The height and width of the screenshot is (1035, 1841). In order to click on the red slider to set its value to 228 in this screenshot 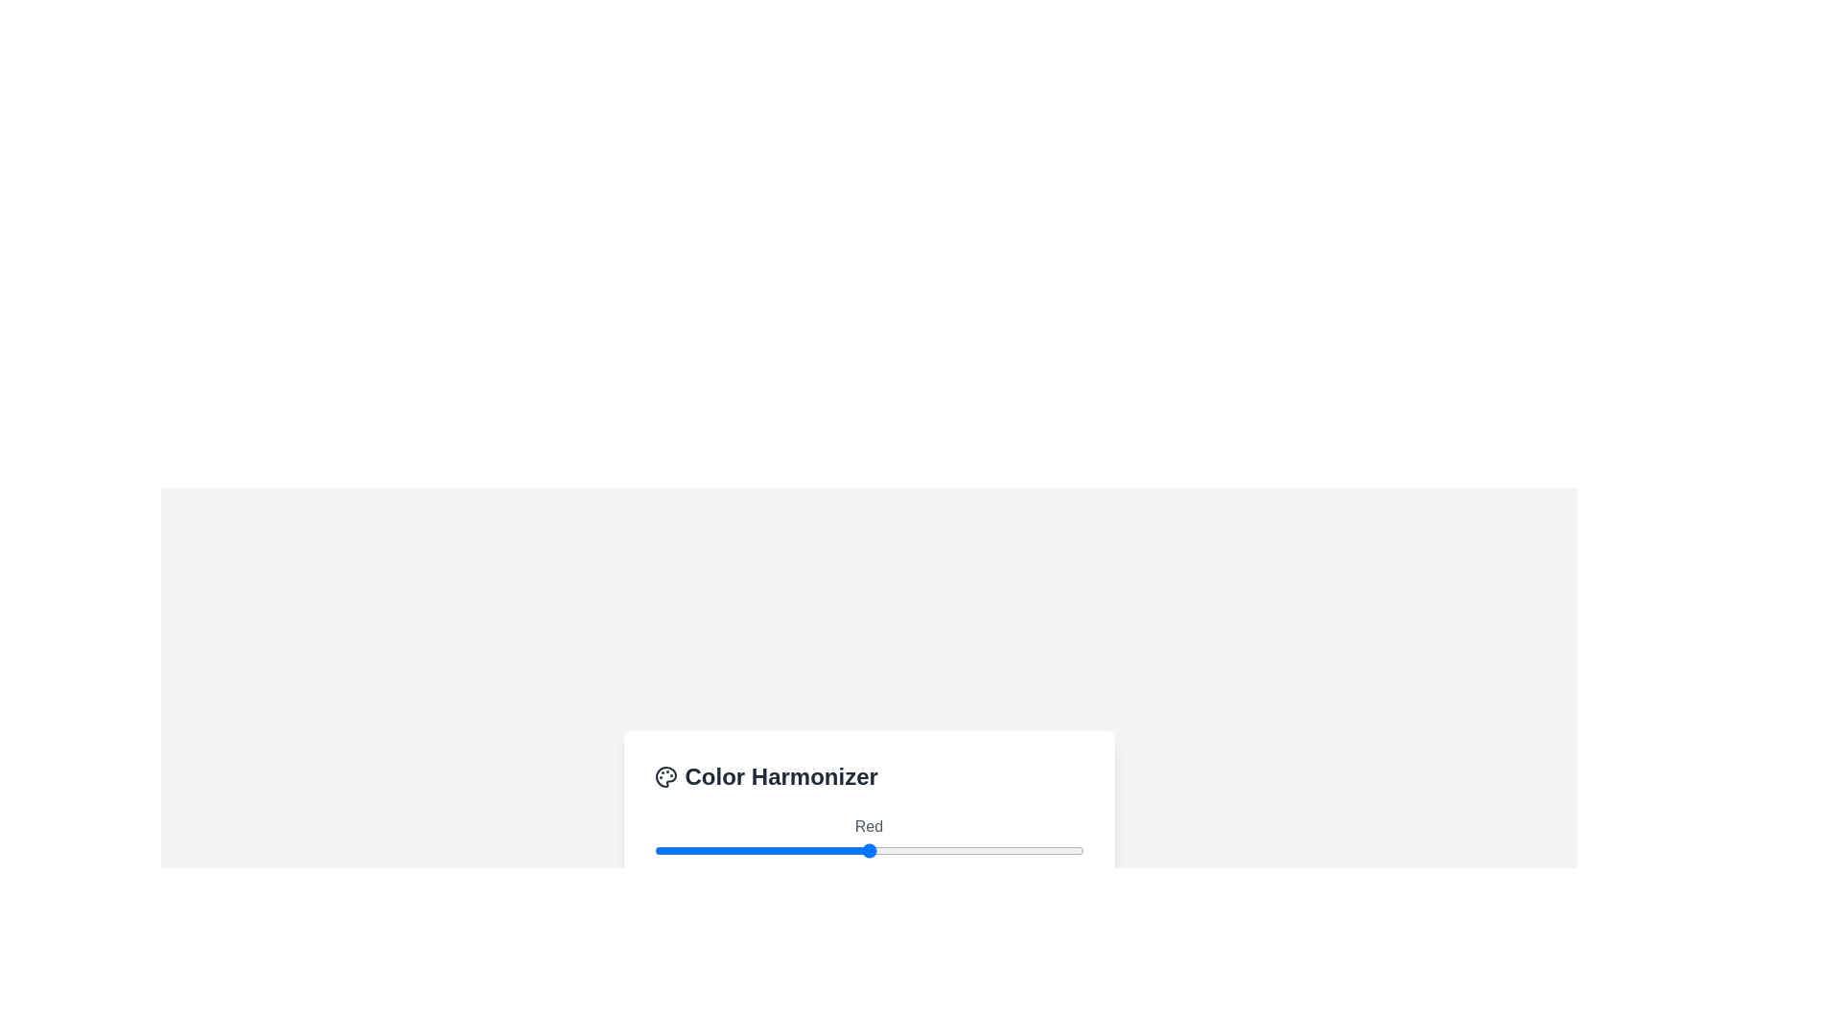, I will do `click(1037, 849)`.